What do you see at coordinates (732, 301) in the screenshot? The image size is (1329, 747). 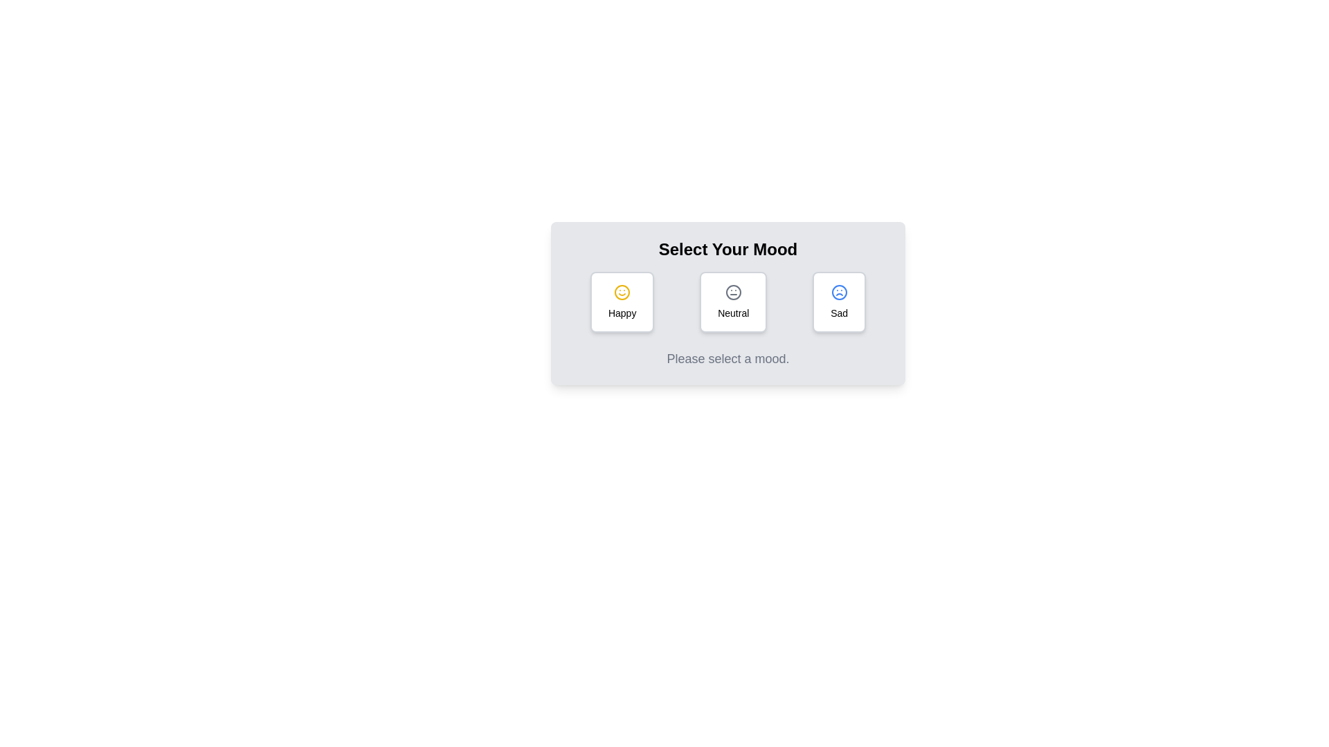 I see `the 'Neutral' button, which is a rectangular button with rounded corners and a white background, displaying a neutral face icon and the text 'Neutral'` at bounding box center [732, 301].